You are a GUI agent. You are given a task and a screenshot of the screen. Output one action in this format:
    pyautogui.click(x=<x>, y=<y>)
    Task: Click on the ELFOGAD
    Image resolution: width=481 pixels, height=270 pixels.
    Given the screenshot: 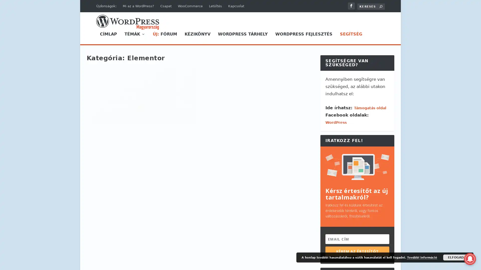 What is the action you would take?
    pyautogui.click(x=456, y=257)
    